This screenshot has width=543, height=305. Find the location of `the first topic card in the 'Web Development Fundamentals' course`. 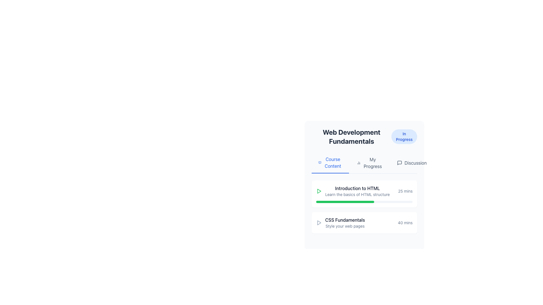

the first topic card in the 'Web Development Fundamentals' course is located at coordinates (364, 185).